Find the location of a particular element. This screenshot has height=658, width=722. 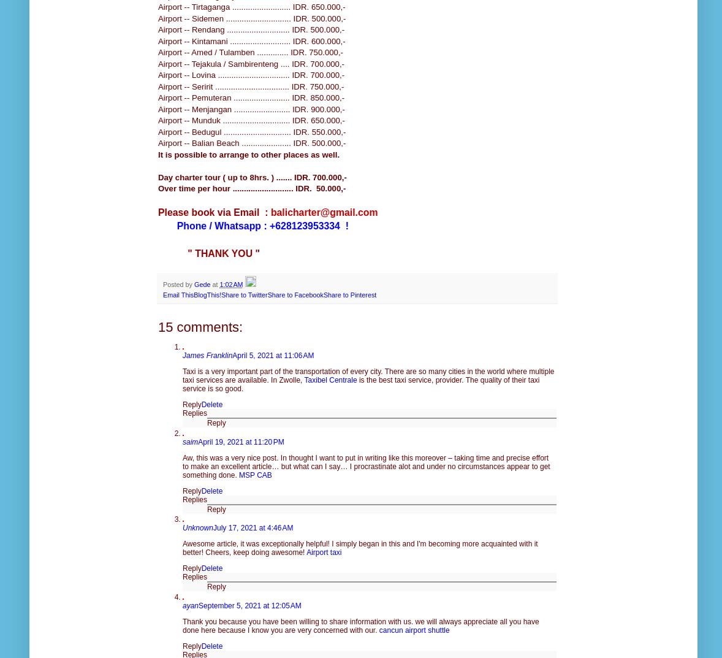

'Airport -- Munduk .............................. IDR. 650.000,-' is located at coordinates (251, 120).